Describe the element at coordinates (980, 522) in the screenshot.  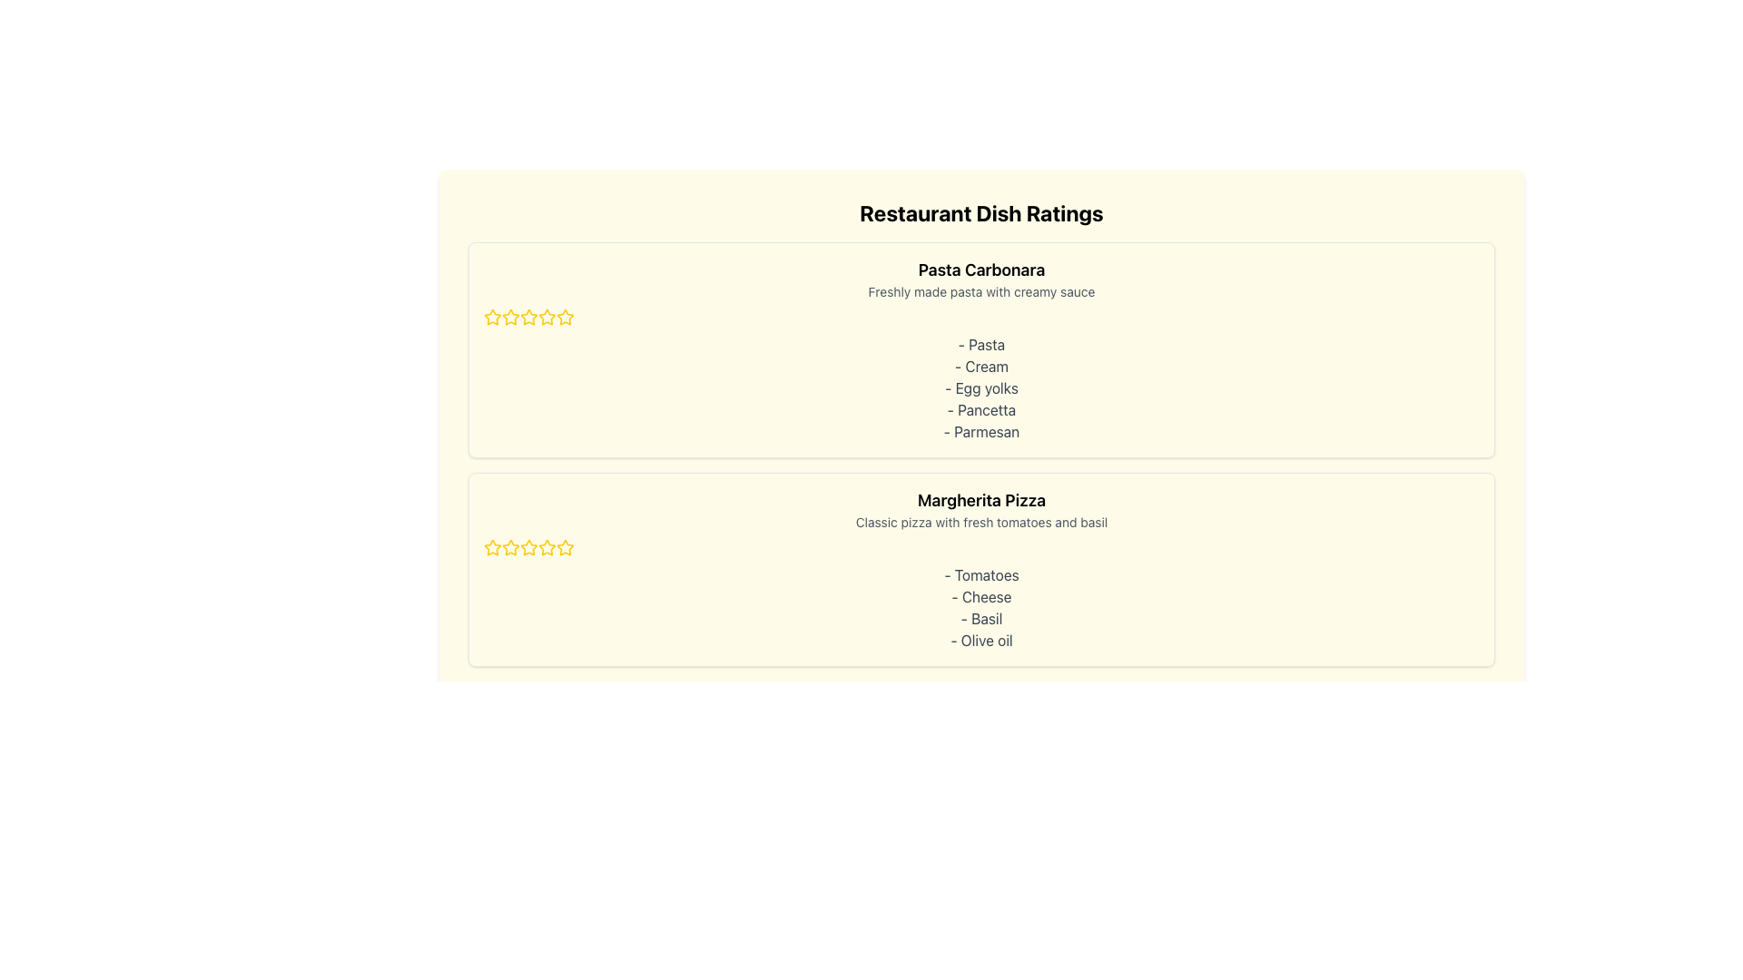
I see `textual description 'Classic pizza with fresh tomatoes and basil' located beneath the title 'Margherita Pizza'` at that location.